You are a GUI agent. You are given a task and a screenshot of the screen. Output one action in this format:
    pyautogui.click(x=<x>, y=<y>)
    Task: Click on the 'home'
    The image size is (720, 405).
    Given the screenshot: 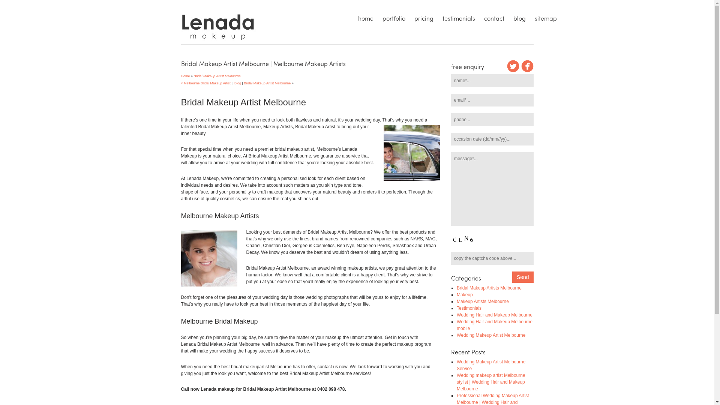 What is the action you would take?
    pyautogui.click(x=365, y=18)
    